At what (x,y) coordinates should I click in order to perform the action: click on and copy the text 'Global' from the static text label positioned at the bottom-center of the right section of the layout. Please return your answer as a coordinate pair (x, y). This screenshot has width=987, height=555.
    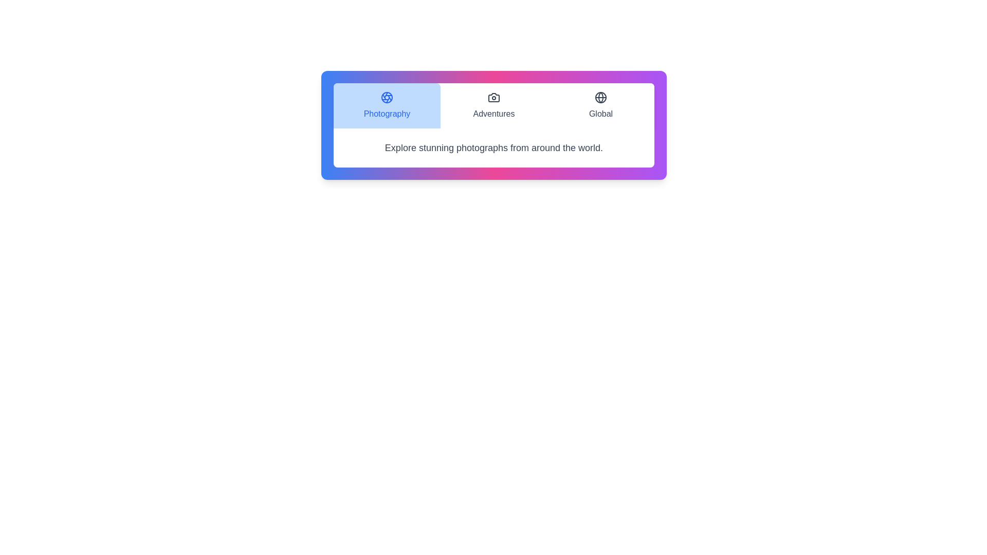
    Looking at the image, I should click on (601, 114).